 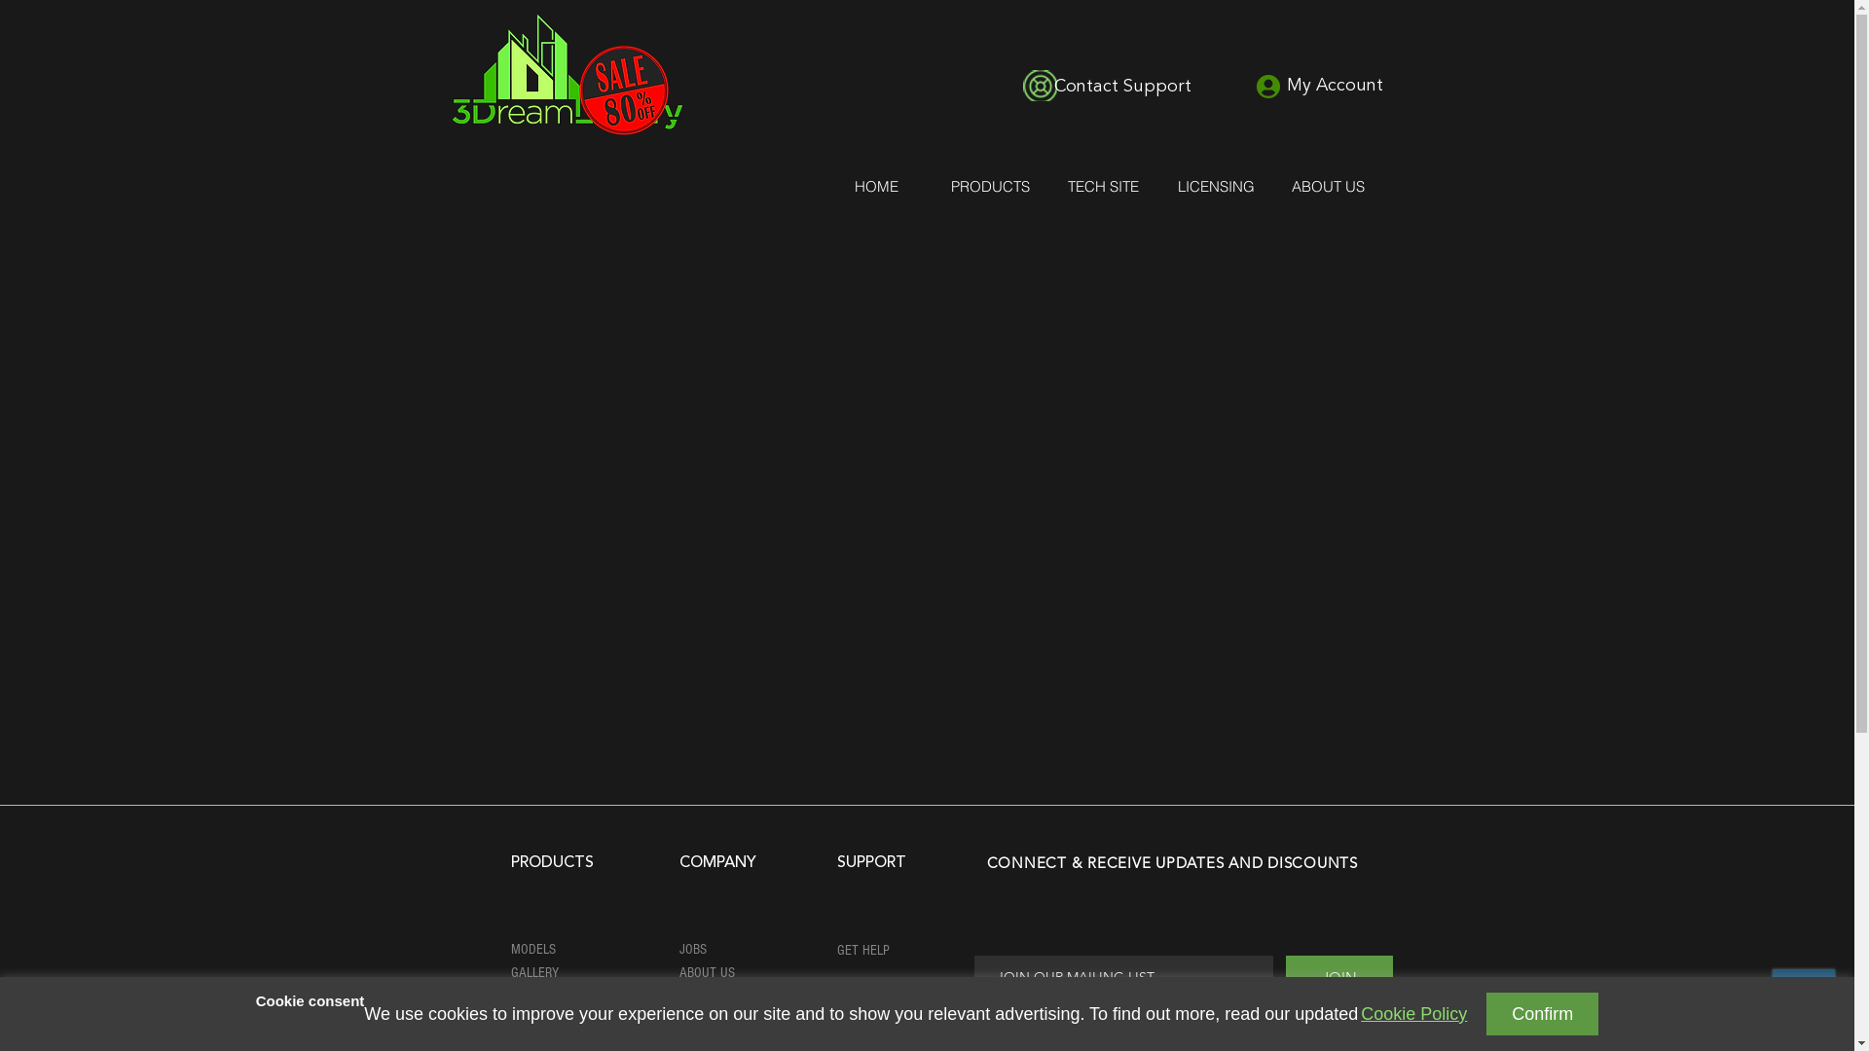 What do you see at coordinates (533, 972) in the screenshot?
I see `'GALLERY'` at bounding box center [533, 972].